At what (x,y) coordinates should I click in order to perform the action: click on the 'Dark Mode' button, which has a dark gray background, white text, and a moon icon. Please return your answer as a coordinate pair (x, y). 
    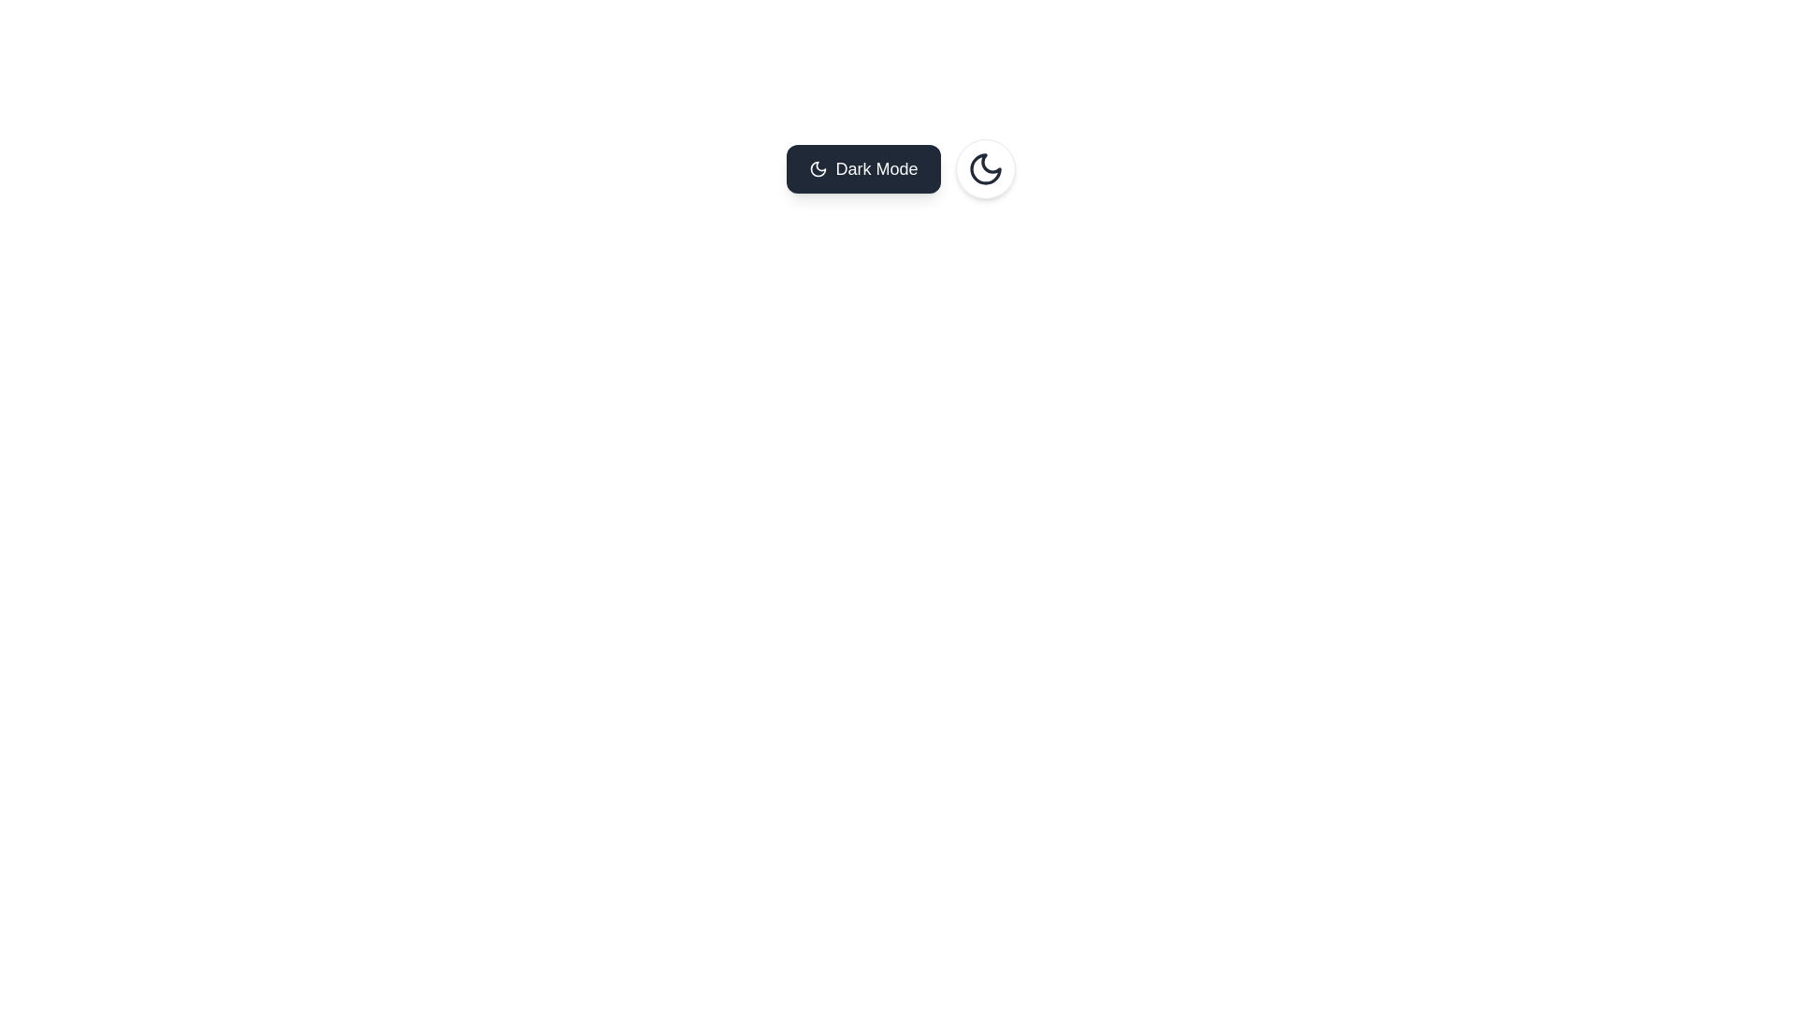
    Looking at the image, I should click on (862, 169).